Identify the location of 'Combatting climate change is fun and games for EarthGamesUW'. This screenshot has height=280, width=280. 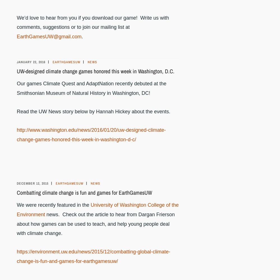
(84, 192).